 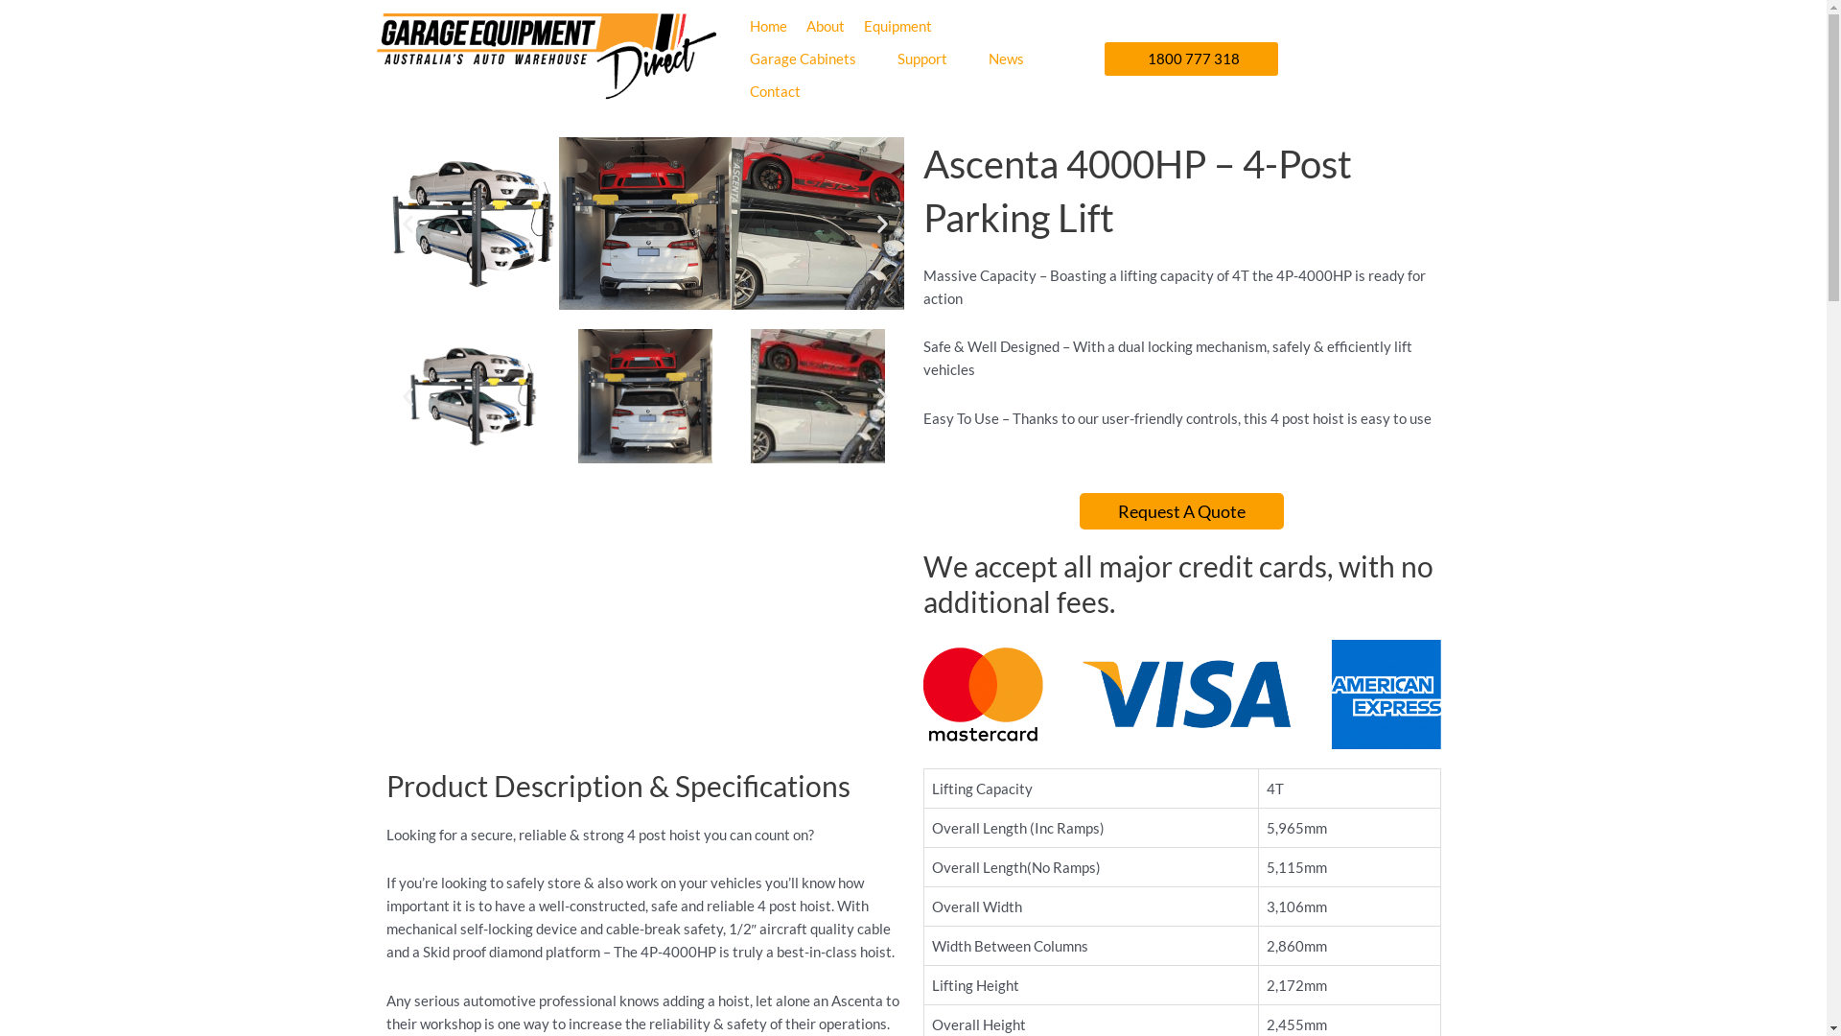 I want to click on 'Home', so click(x=749, y=26).